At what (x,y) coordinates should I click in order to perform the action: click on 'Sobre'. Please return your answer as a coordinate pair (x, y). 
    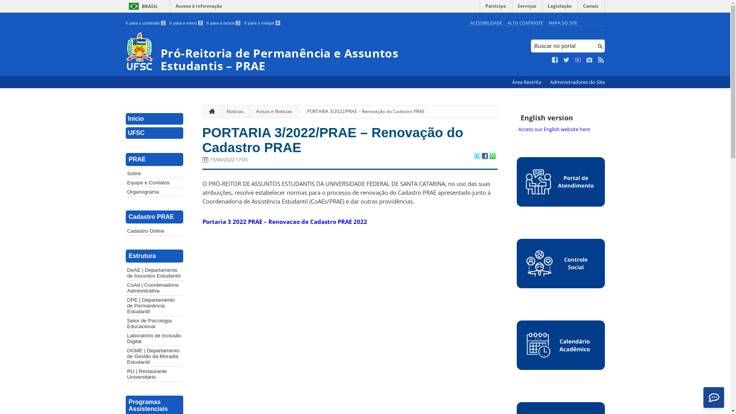
    Looking at the image, I should click on (125, 173).